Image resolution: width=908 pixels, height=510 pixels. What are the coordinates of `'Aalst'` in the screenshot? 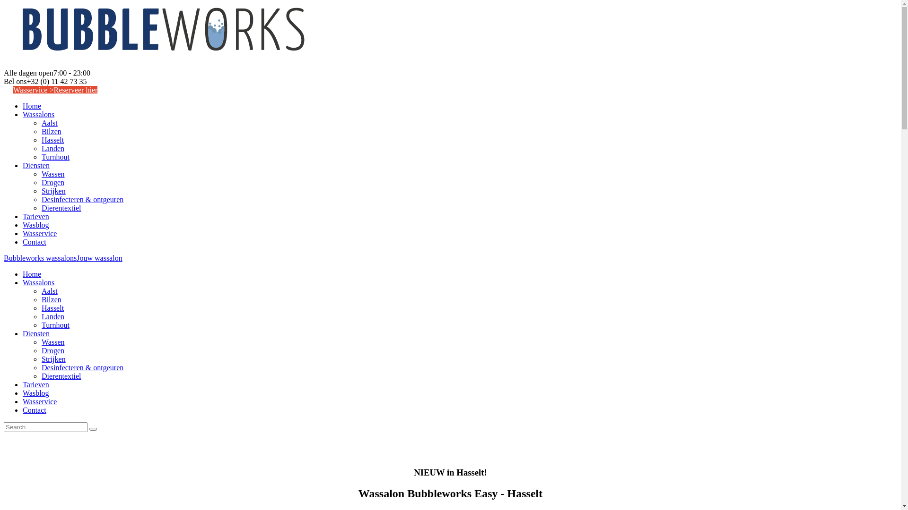 It's located at (49, 122).